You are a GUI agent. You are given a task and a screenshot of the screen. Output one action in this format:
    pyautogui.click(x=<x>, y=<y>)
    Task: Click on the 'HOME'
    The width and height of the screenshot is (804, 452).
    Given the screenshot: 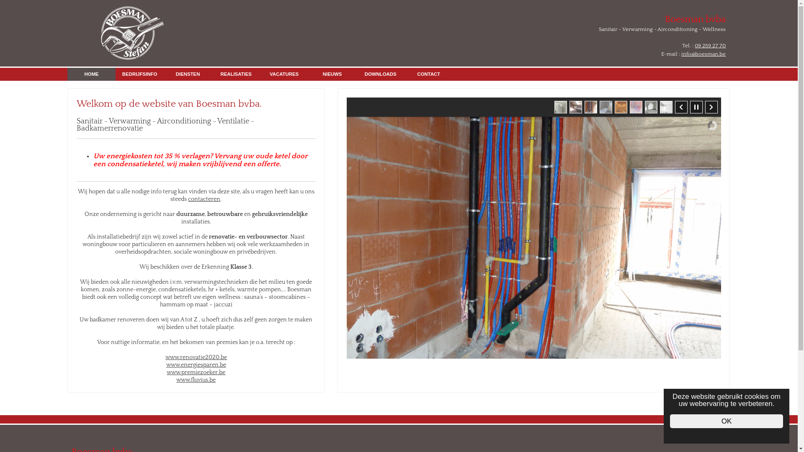 What is the action you would take?
    pyautogui.click(x=91, y=74)
    